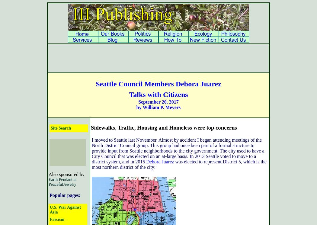 This screenshot has width=317, height=225. I want to click on 'by William P. Meyers', so click(158, 107).